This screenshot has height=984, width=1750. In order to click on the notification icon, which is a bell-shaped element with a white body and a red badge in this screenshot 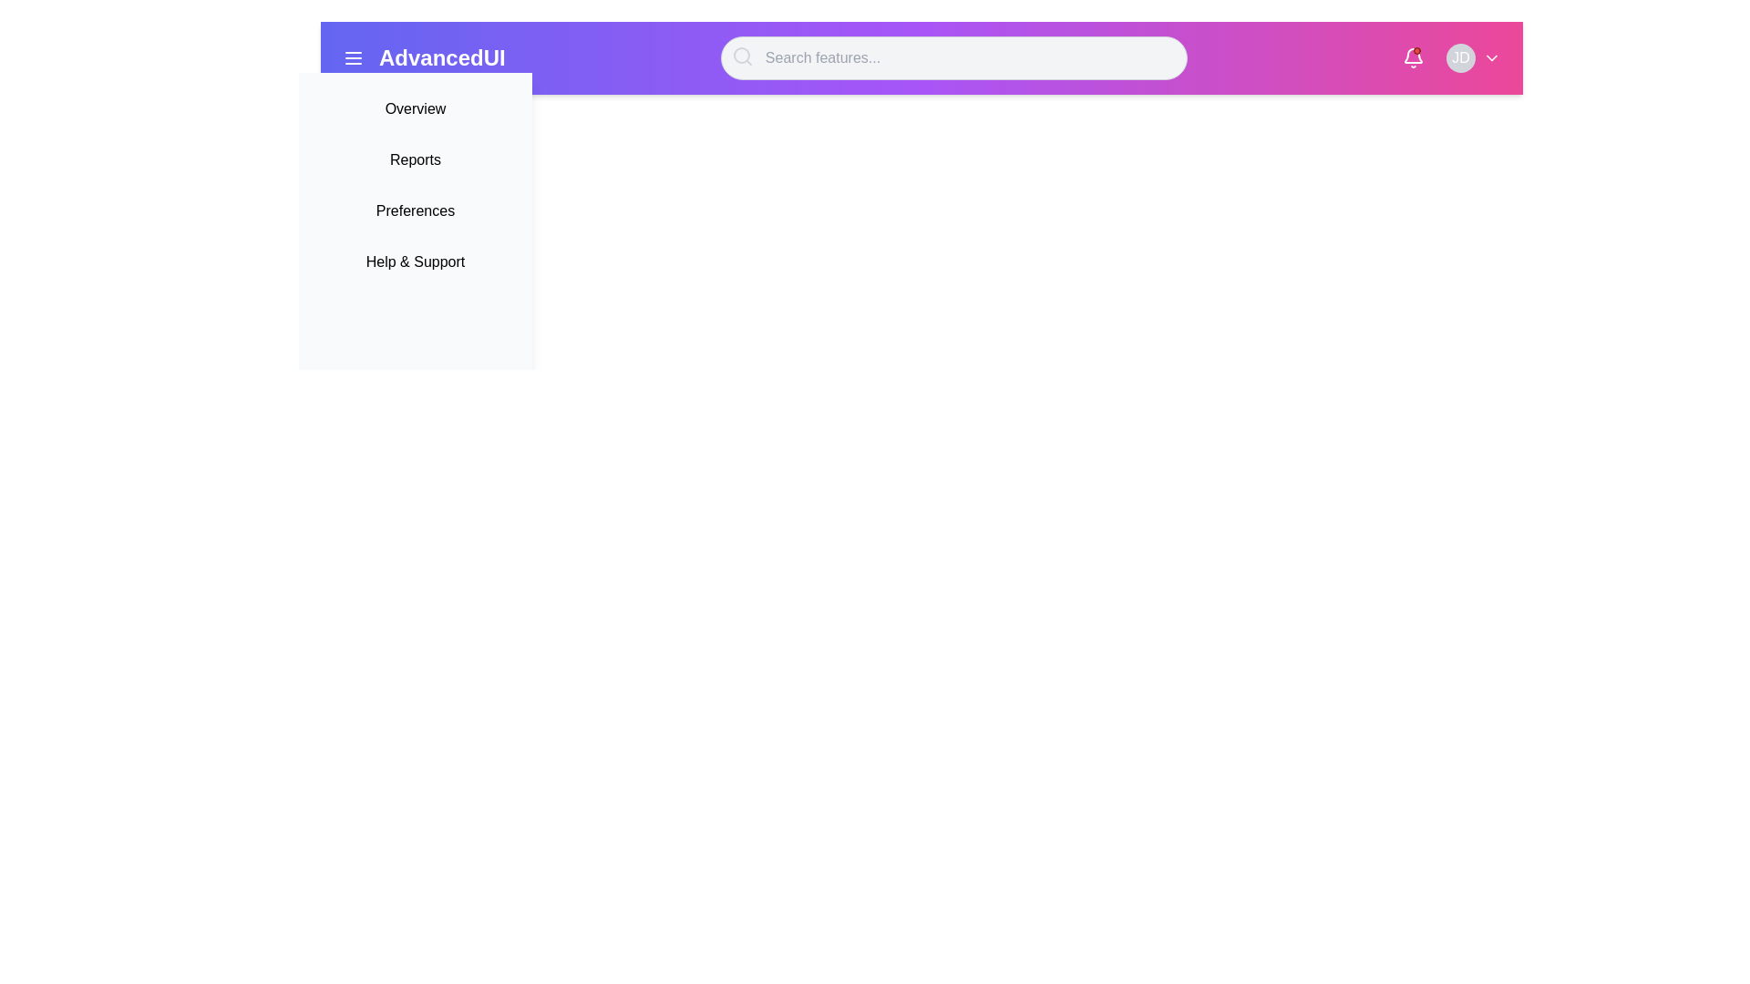, I will do `click(1412, 57)`.